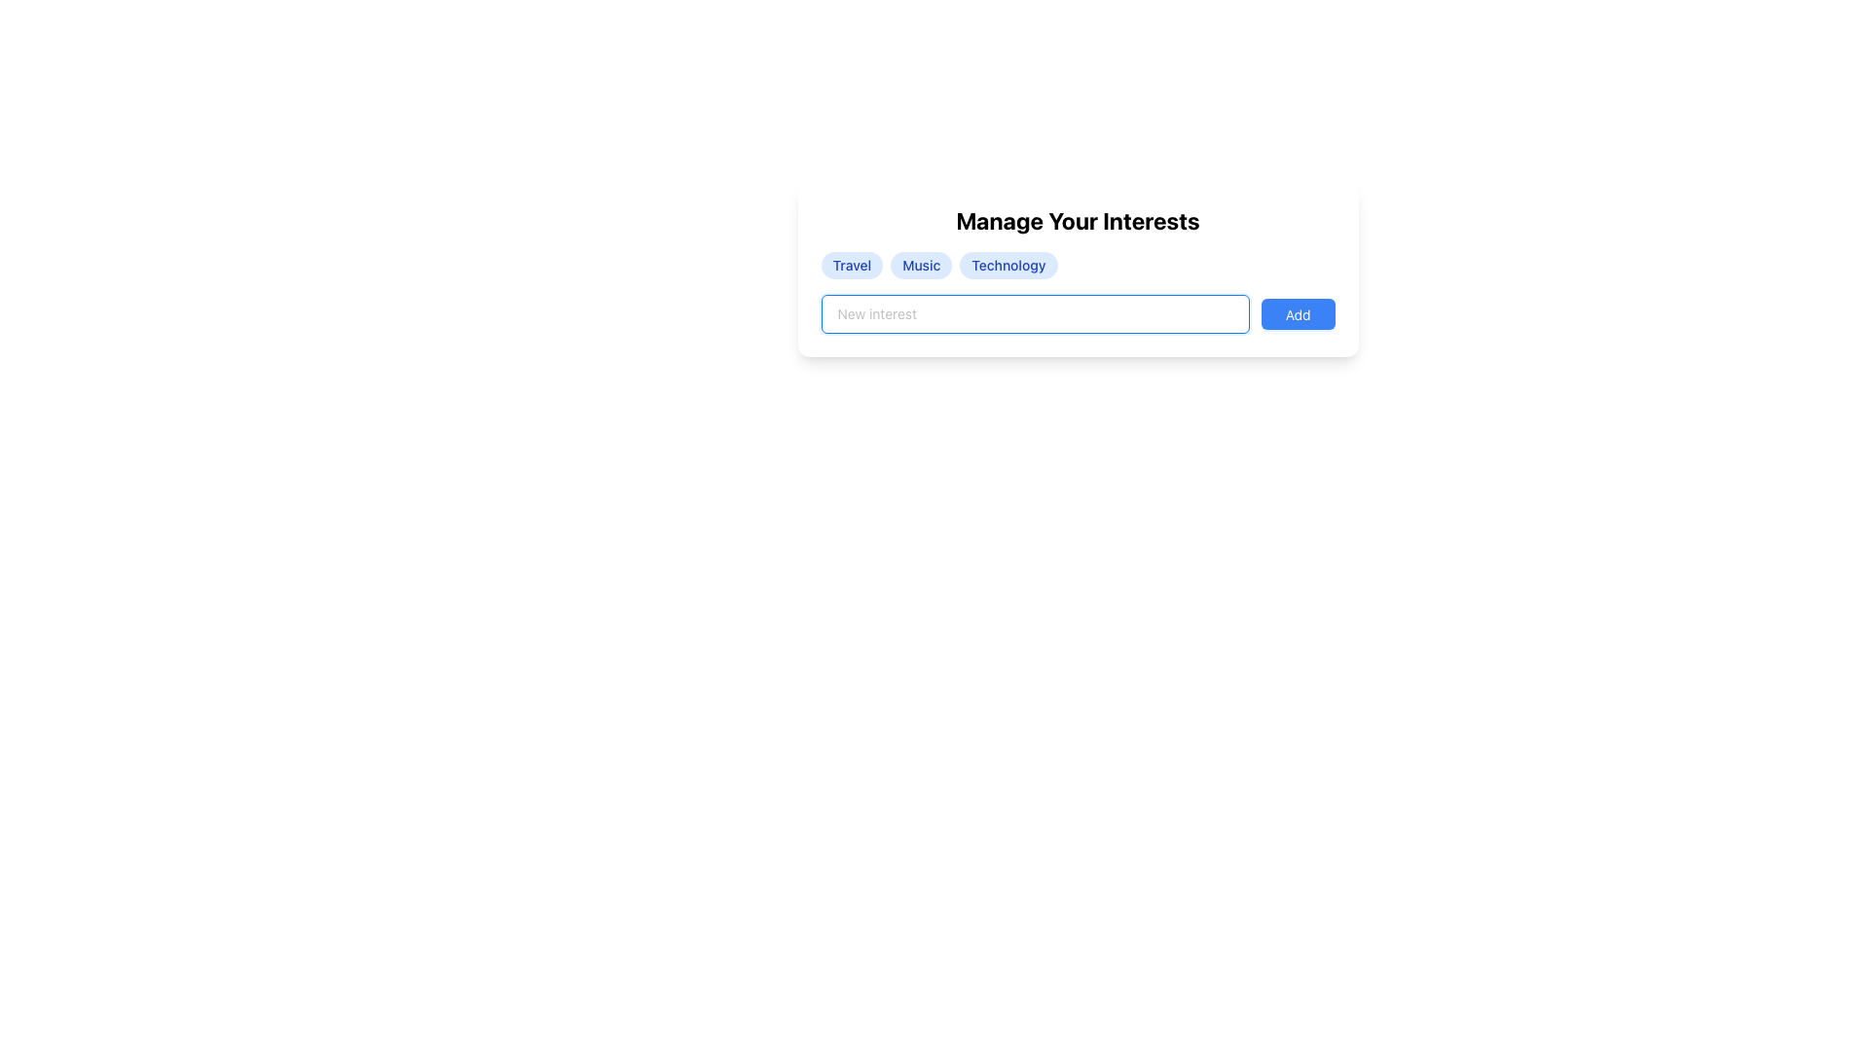 The width and height of the screenshot is (1869, 1051). I want to click on the 'Technology' Tag/Label Component, which is the third badge from the left in a horizontal row of badges labeled 'Travel', 'Music', and 'Technology', so click(1008, 266).